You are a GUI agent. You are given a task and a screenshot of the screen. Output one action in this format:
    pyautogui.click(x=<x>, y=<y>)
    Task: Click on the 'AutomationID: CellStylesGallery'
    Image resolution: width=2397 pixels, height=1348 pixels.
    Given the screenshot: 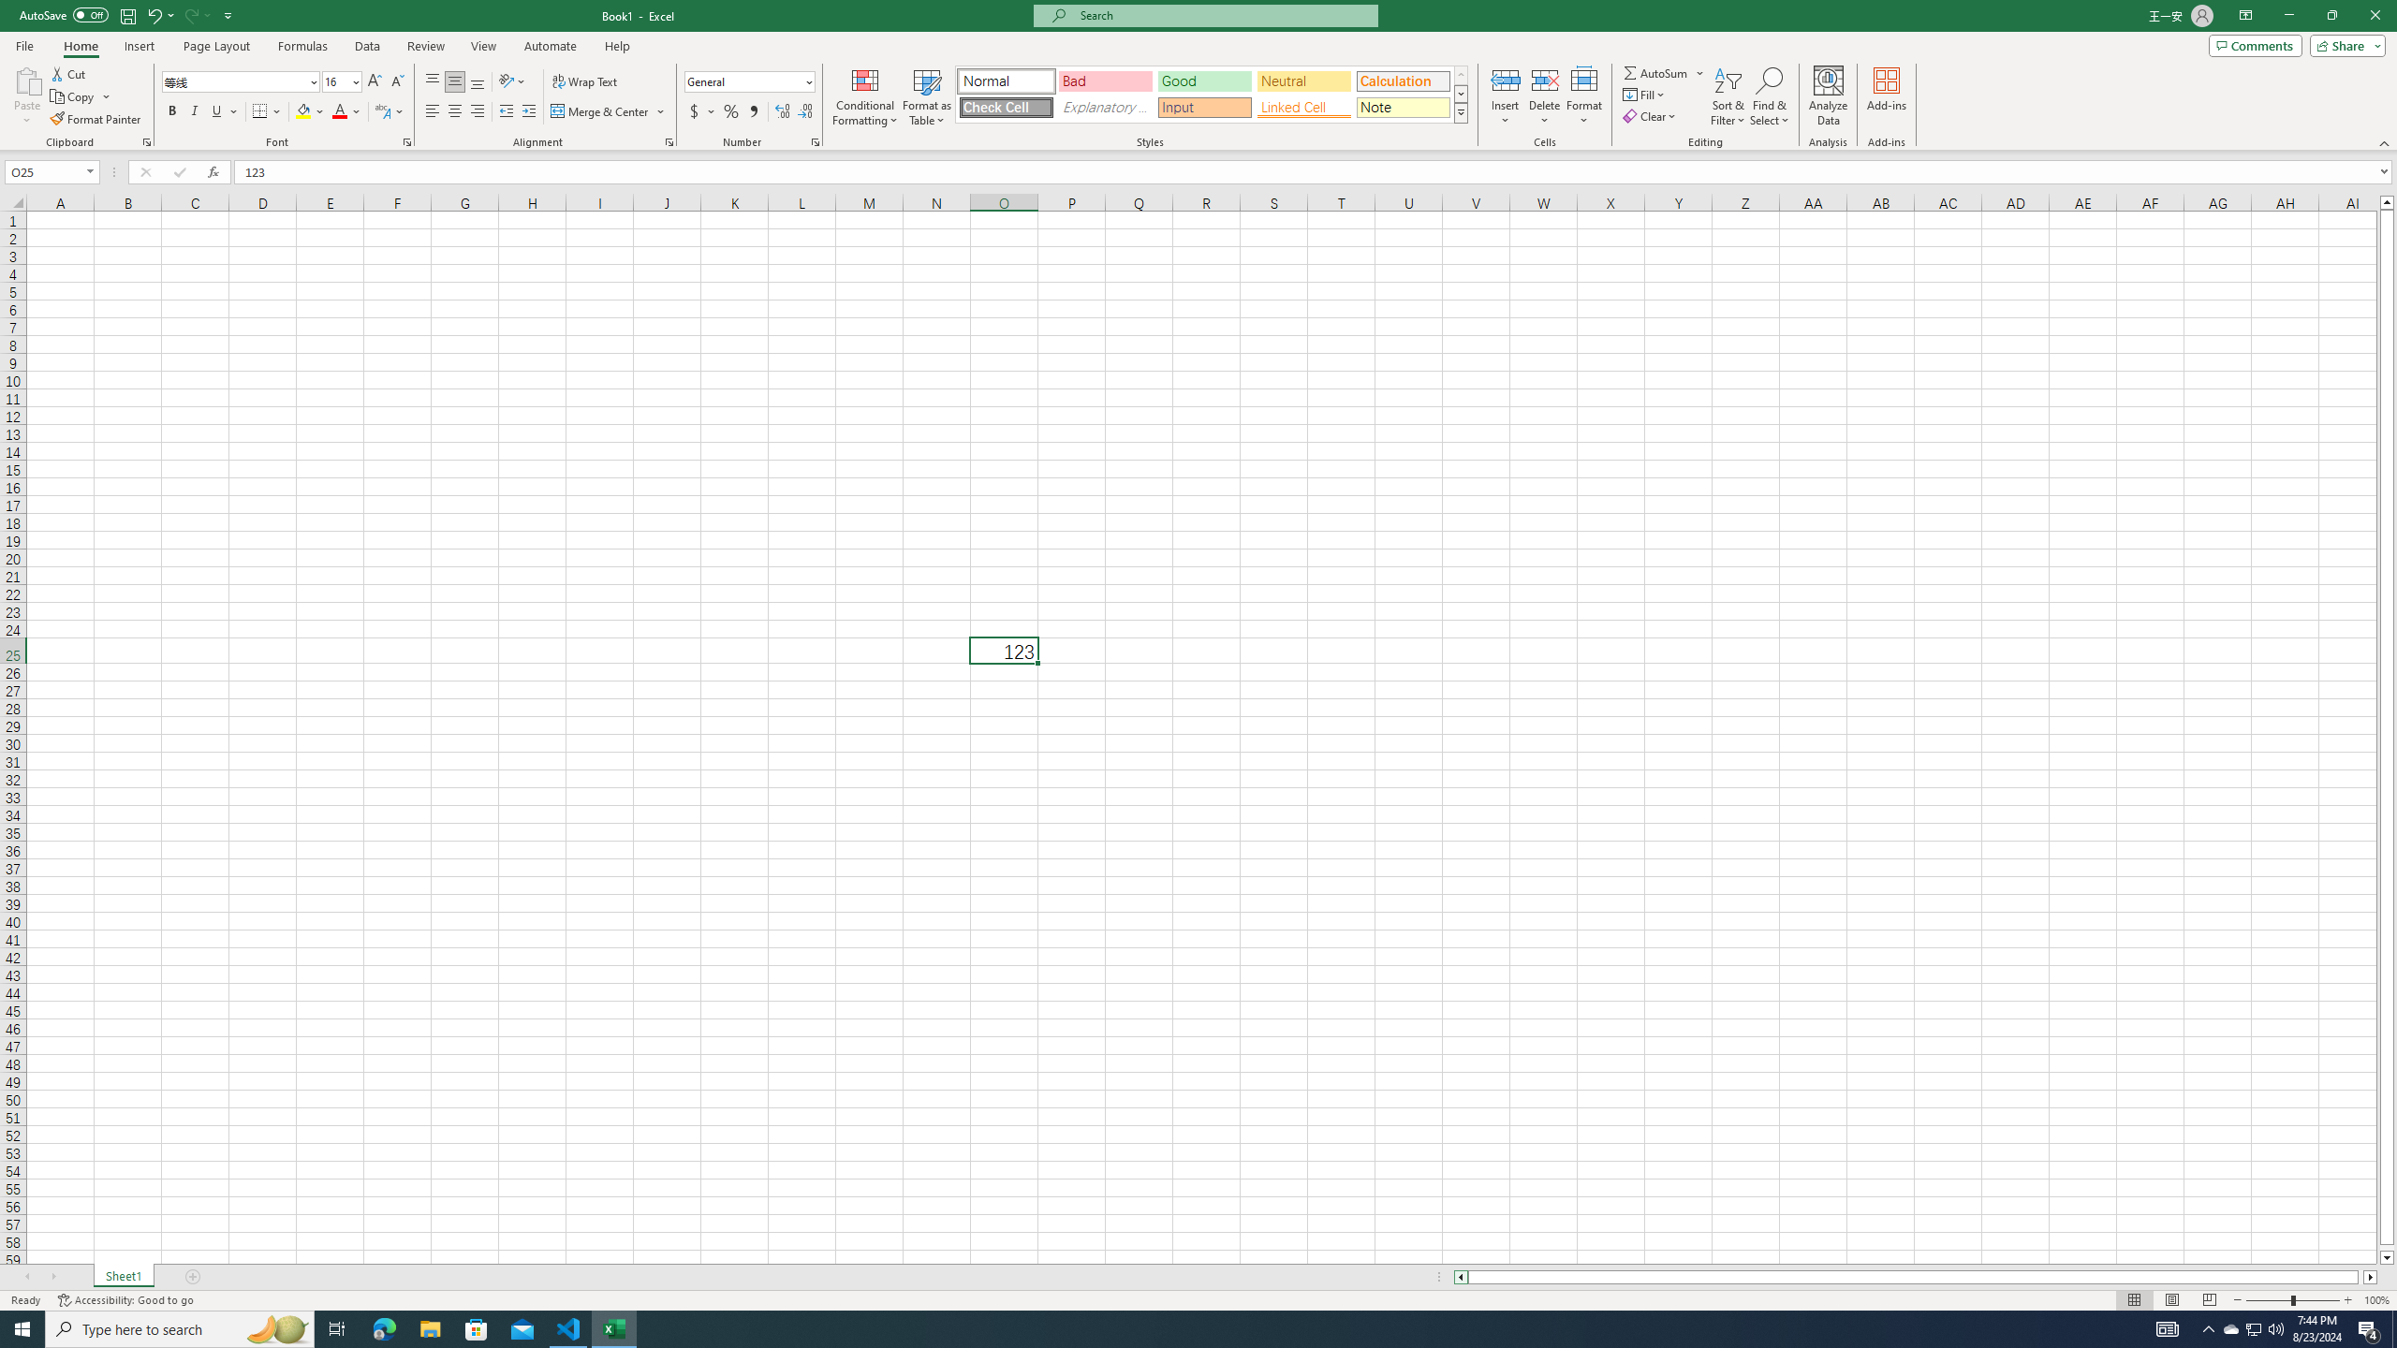 What is the action you would take?
    pyautogui.click(x=1213, y=94)
    